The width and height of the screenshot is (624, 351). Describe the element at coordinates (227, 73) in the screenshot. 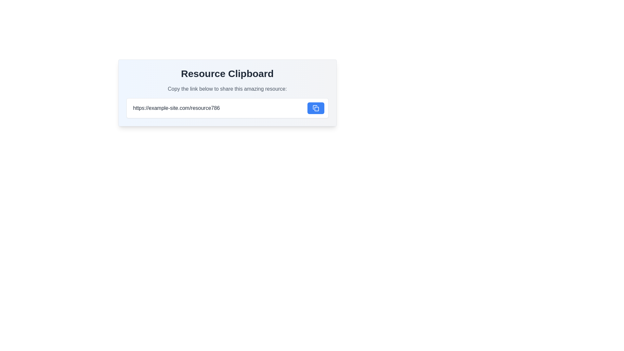

I see `the static text heading at the top of the card component, which serves as the title for the content below it` at that location.